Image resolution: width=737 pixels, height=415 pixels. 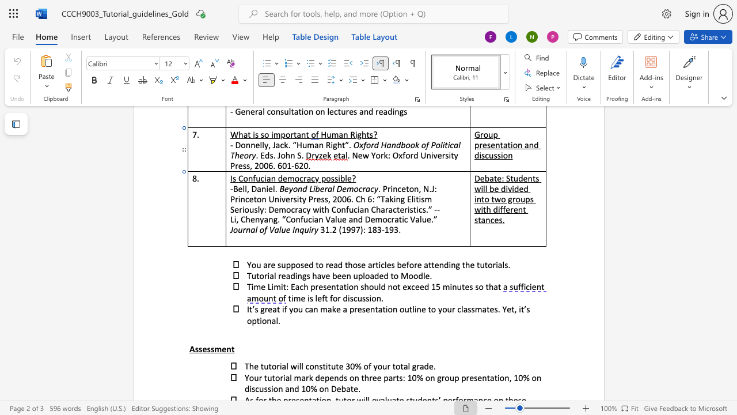 What do you see at coordinates (283, 286) in the screenshot?
I see `the space between the continuous character "i" and "t" in the text` at bounding box center [283, 286].